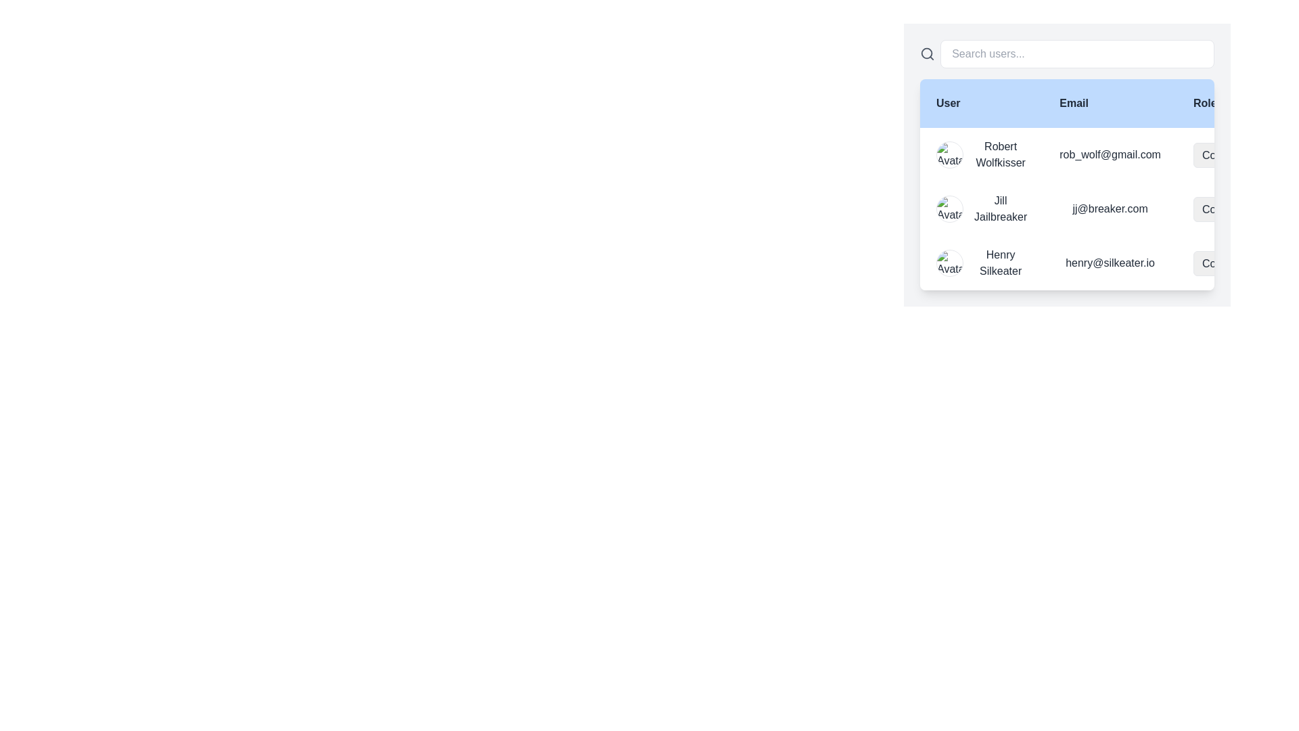 This screenshot has height=731, width=1299. What do you see at coordinates (1001, 154) in the screenshot?
I see `the Text Label displaying the user's name located in the first row under the 'User' column of the table, immediately to the right of the avatar image` at bounding box center [1001, 154].